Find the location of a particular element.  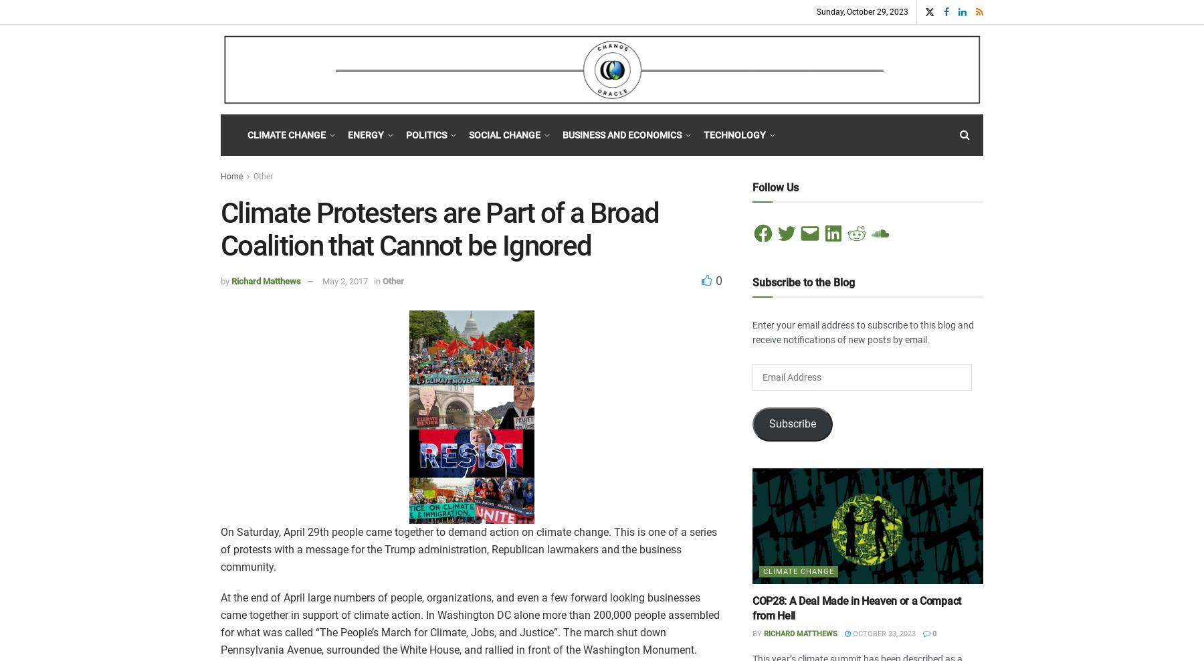

'Sunday, October 29, 2023' is located at coordinates (862, 11).